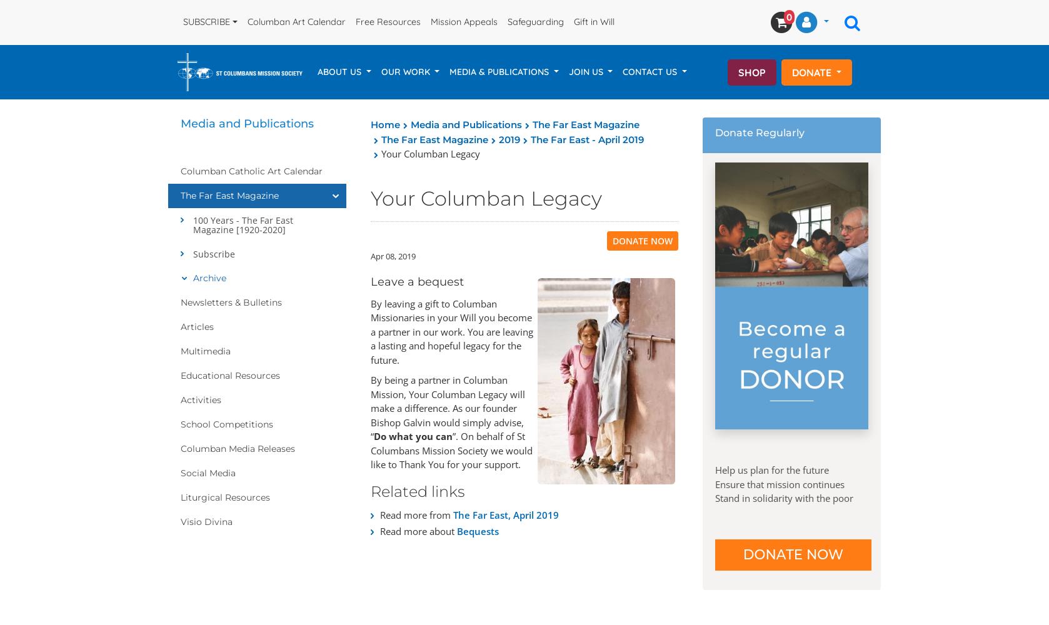 The image size is (1049, 625). Describe the element at coordinates (370, 124) in the screenshot. I see `'Home'` at that location.